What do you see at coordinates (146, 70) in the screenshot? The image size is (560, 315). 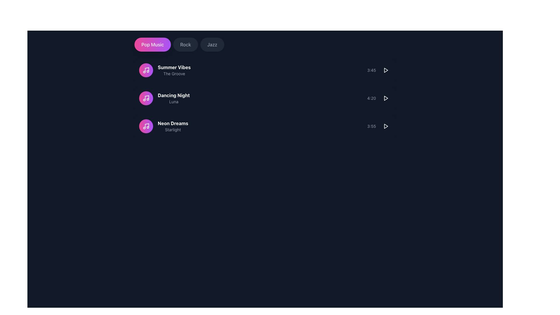 I see `the circular music icon with a pink to purple gradient background and a white music note symbol` at bounding box center [146, 70].